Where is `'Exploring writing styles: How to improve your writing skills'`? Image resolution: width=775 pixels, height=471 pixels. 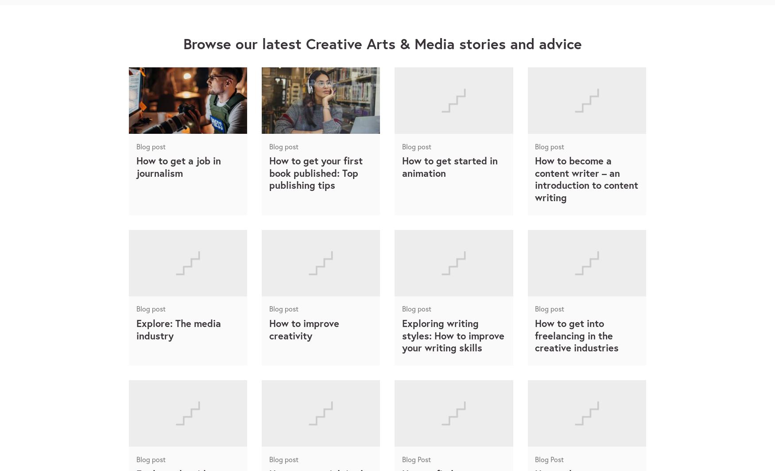
'Exploring writing styles: How to improve your writing skills' is located at coordinates (452, 335).